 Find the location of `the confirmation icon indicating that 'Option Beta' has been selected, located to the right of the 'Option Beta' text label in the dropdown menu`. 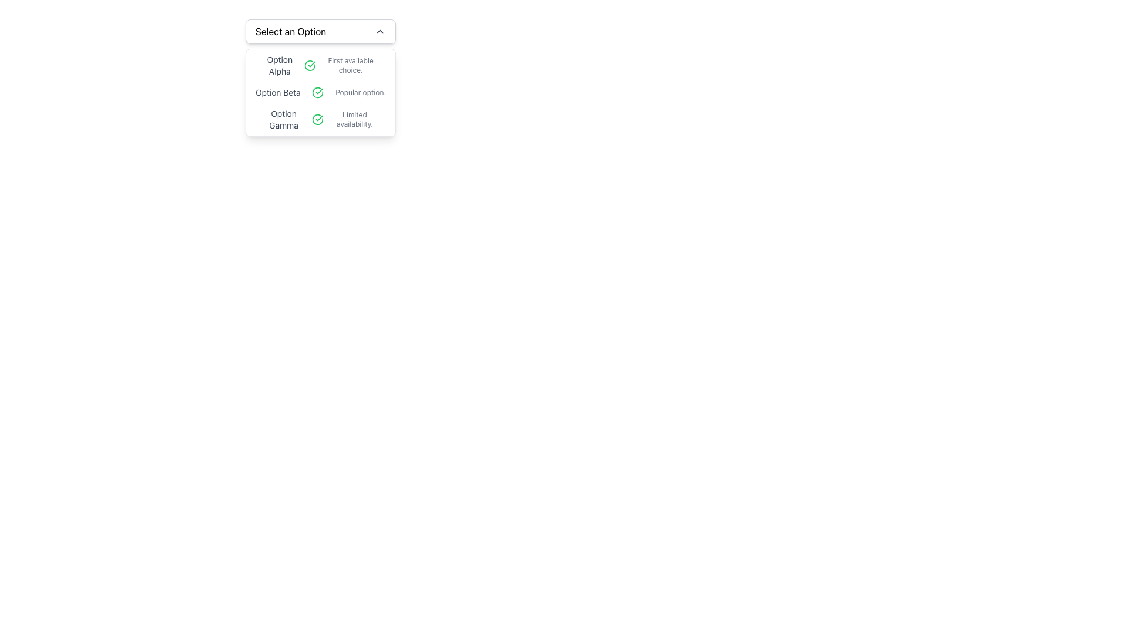

the confirmation icon indicating that 'Option Beta' has been selected, located to the right of the 'Option Beta' text label in the dropdown menu is located at coordinates (318, 92).